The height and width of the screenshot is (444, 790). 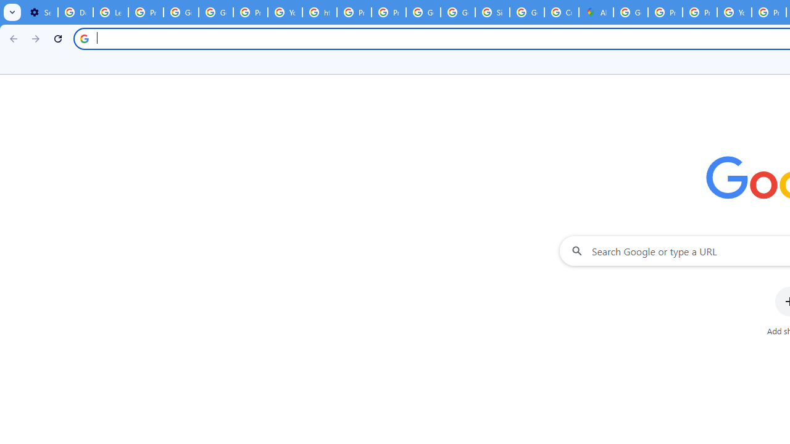 I want to click on 'Sign in - Google Accounts', so click(x=492, y=12).